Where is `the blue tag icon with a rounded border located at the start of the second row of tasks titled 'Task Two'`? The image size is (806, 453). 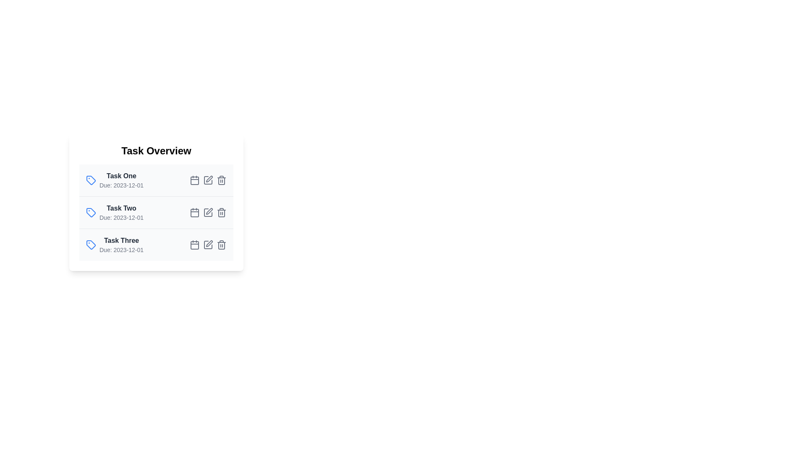 the blue tag icon with a rounded border located at the start of the second row of tasks titled 'Task Two' is located at coordinates (91, 212).